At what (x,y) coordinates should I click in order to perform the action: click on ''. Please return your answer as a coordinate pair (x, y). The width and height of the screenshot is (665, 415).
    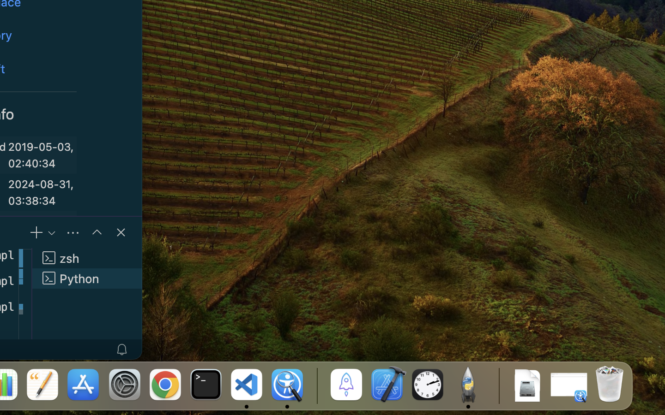
    Looking at the image, I should click on (120, 232).